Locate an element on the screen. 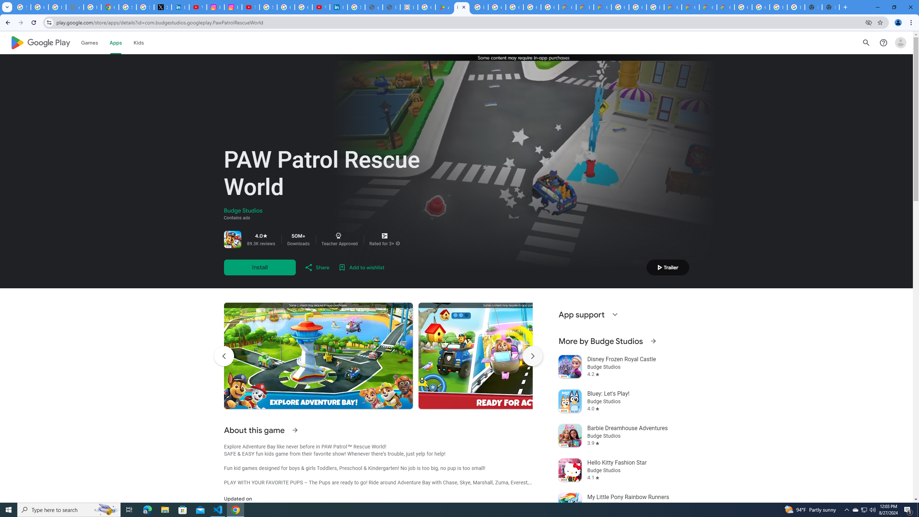  'Install' is located at coordinates (259, 267).